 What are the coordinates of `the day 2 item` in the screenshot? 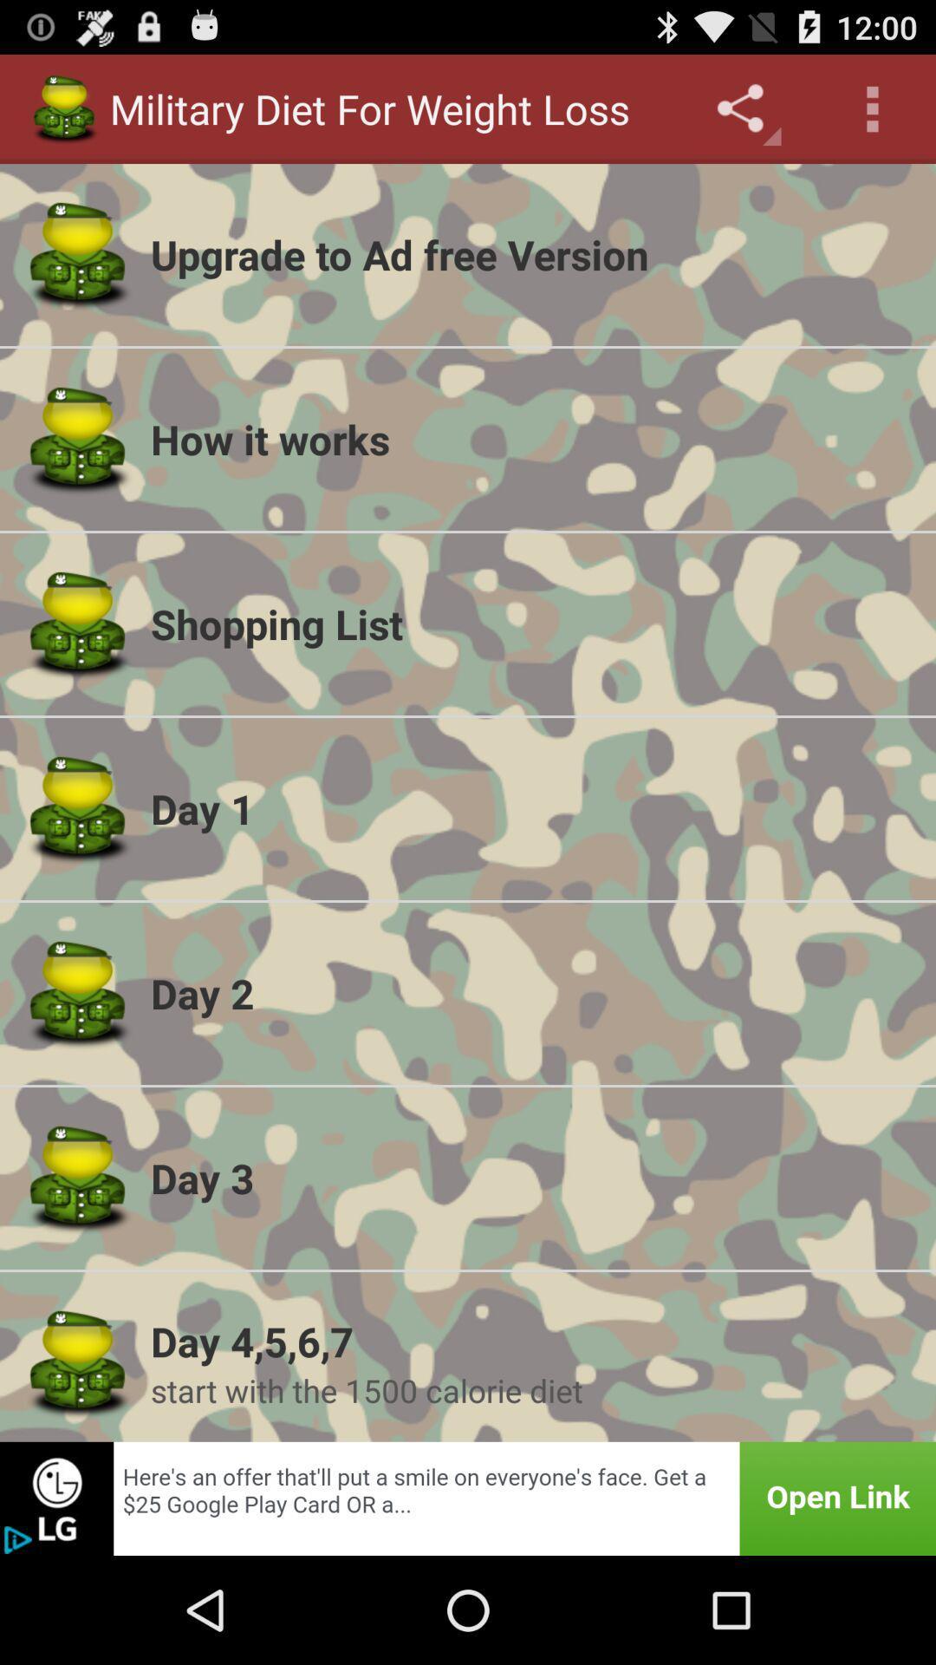 It's located at (531, 993).